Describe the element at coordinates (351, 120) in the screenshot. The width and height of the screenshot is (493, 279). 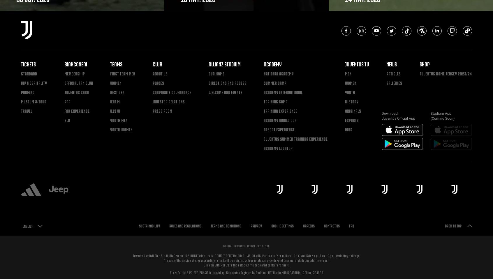
I see `'eSports'` at that location.